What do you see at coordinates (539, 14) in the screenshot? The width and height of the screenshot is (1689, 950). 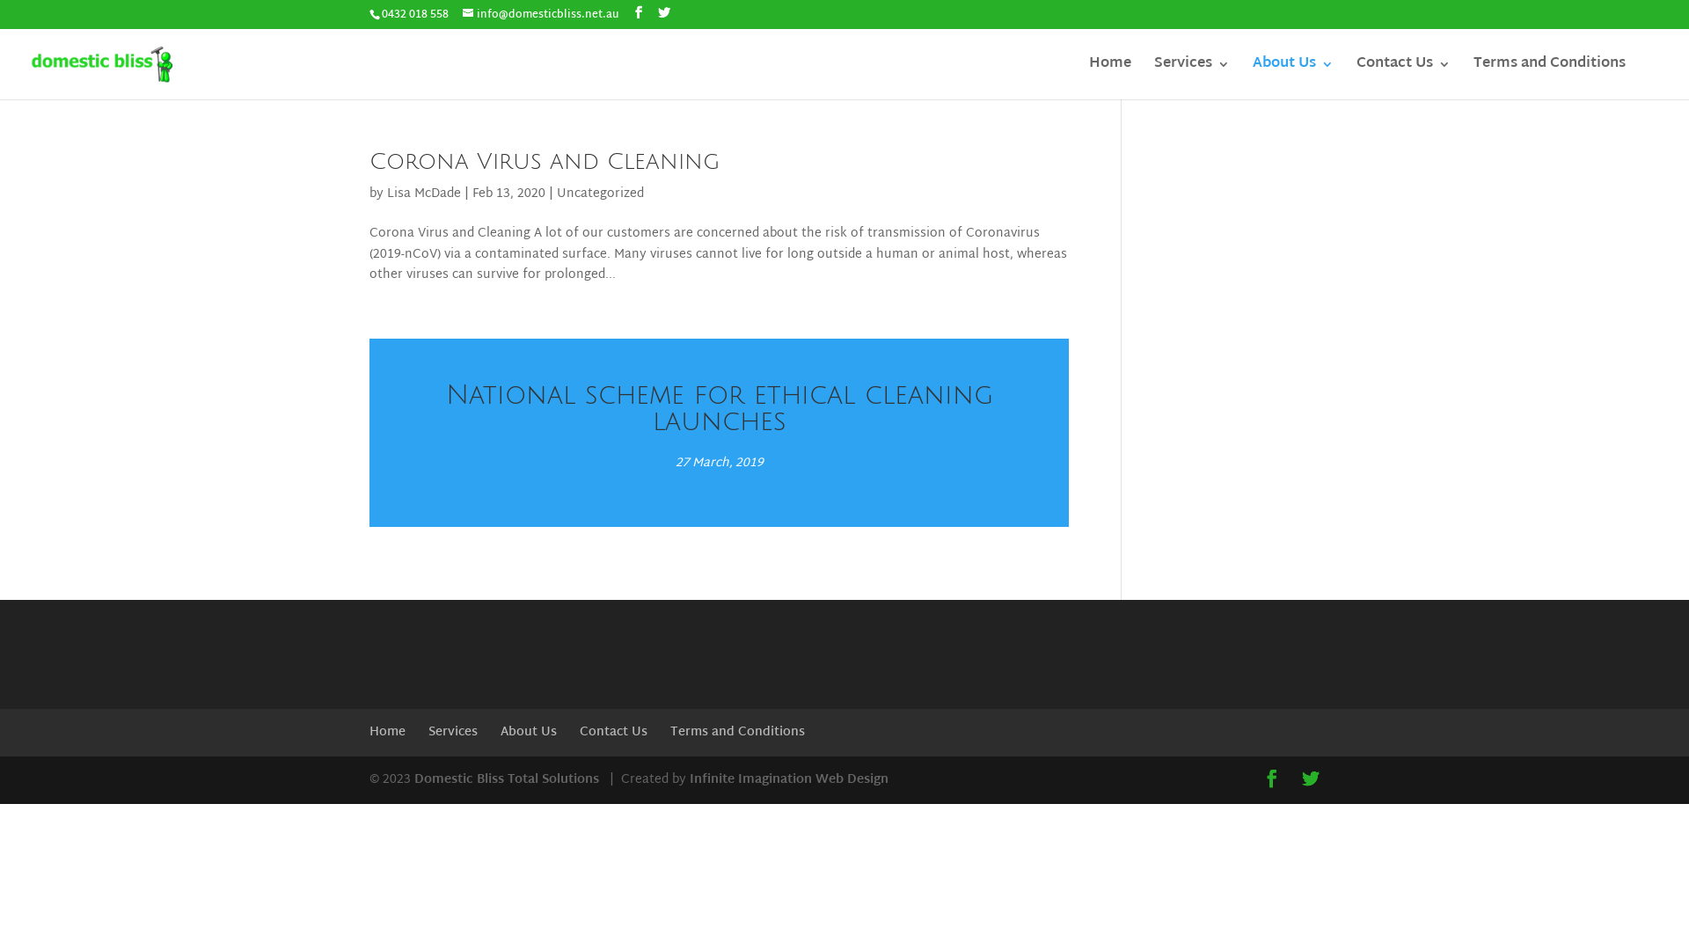 I see `'info@domesticbliss.net.au'` at bounding box center [539, 14].